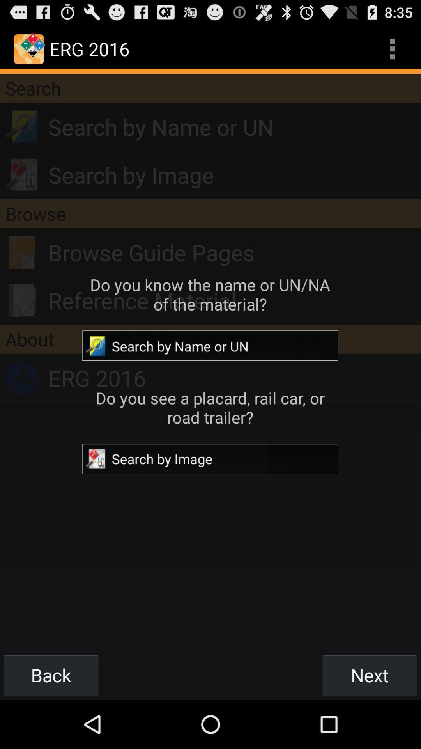  What do you see at coordinates (51, 675) in the screenshot?
I see `item to the left of next item` at bounding box center [51, 675].